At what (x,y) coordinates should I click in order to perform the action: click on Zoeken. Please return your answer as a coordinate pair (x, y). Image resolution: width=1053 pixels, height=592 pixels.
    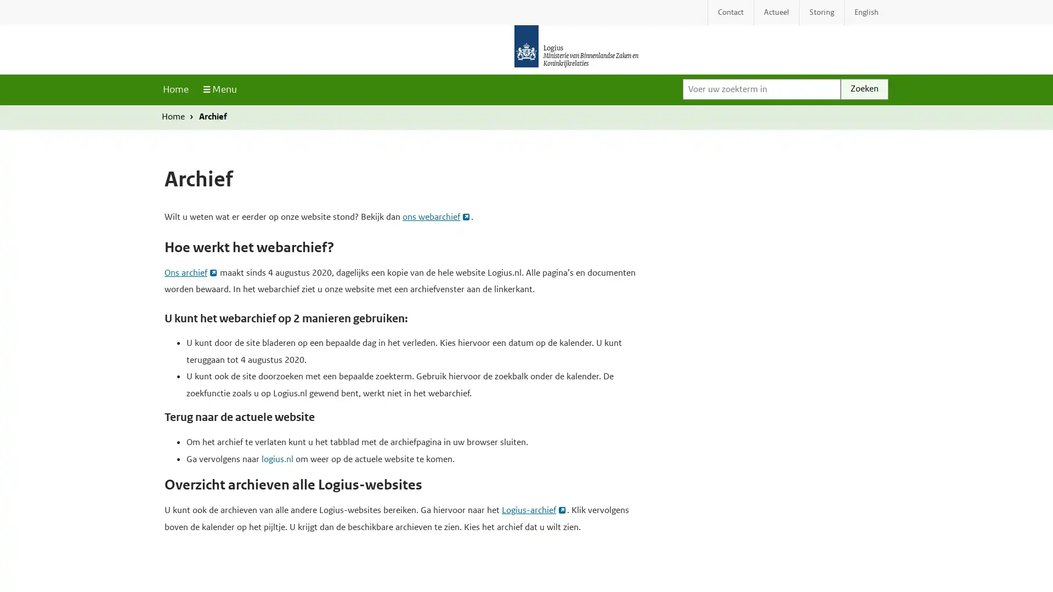
    Looking at the image, I should click on (864, 88).